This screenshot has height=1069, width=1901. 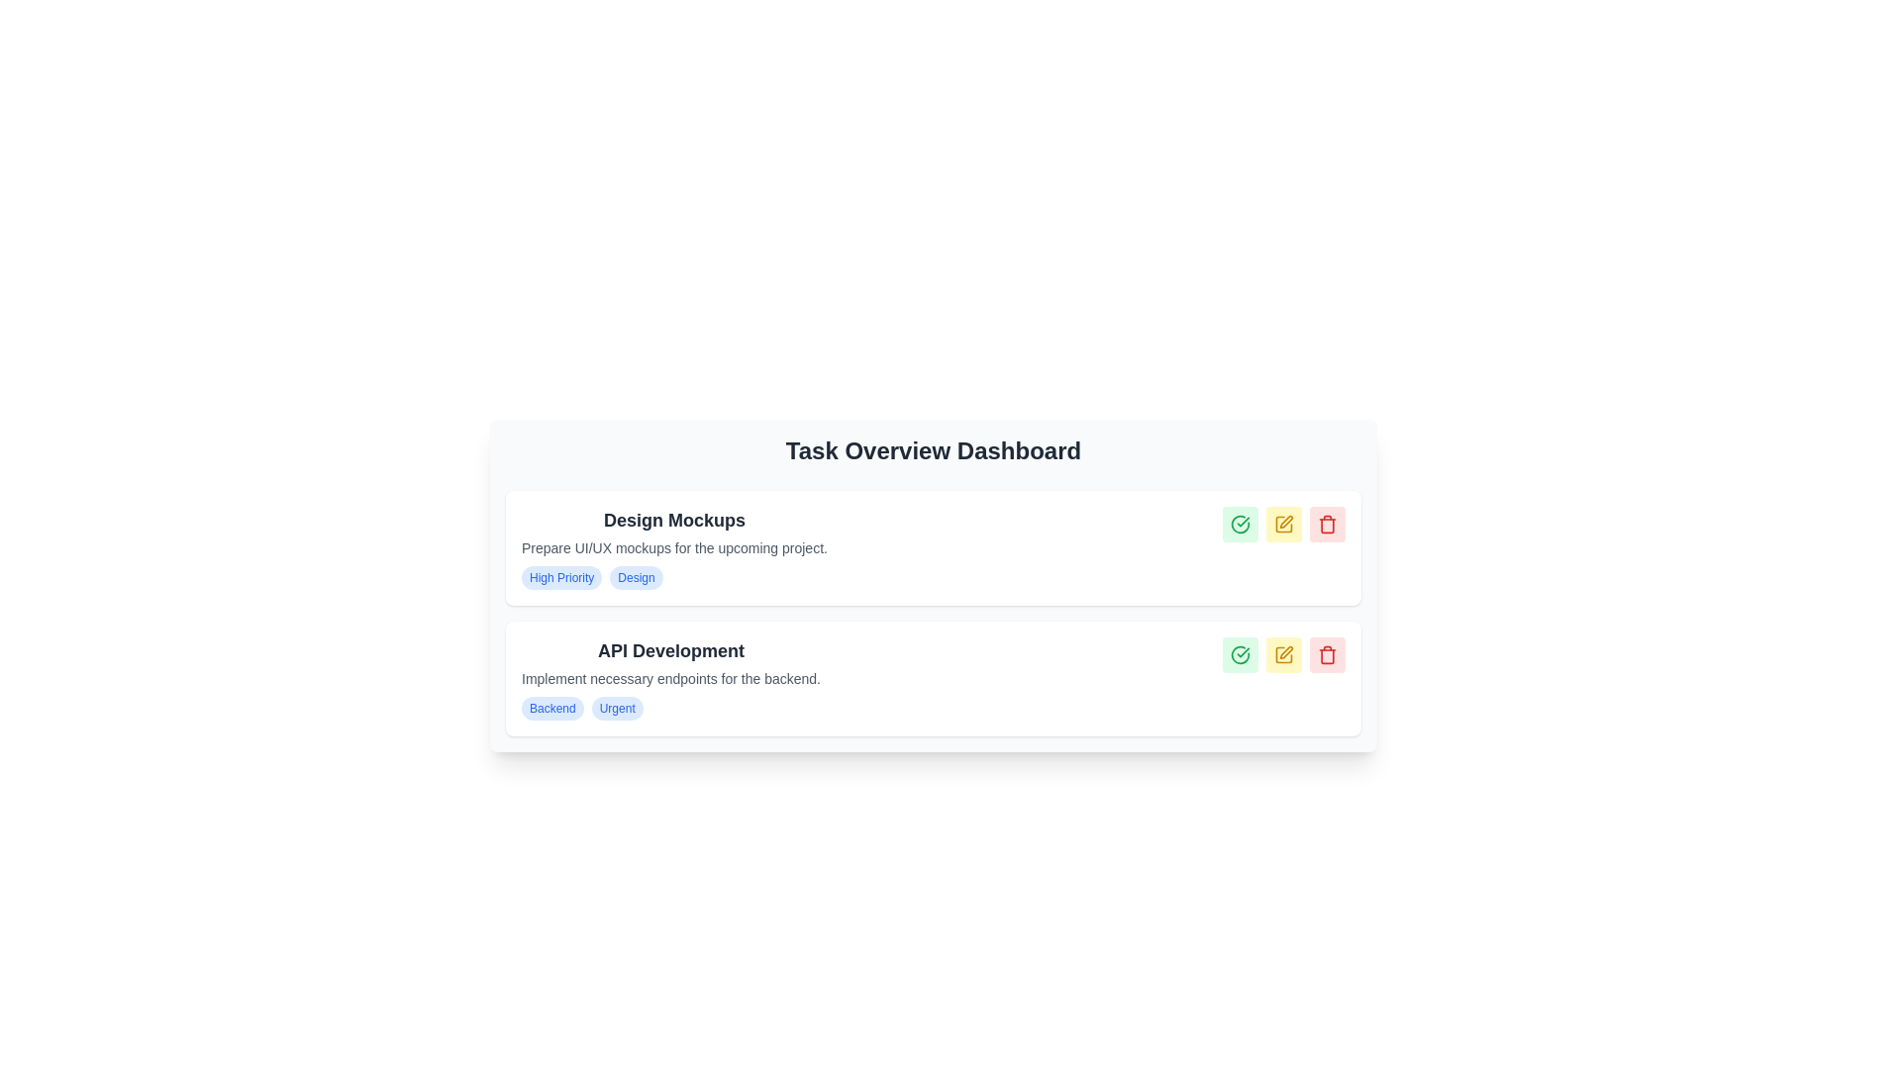 I want to click on the Trash Bin icon, which is the last icon in the group of three icons (Trash Bin, Check Mark, Pencil) located on the right-hand side of the 'API Development' task entry, so click(x=1327, y=656).